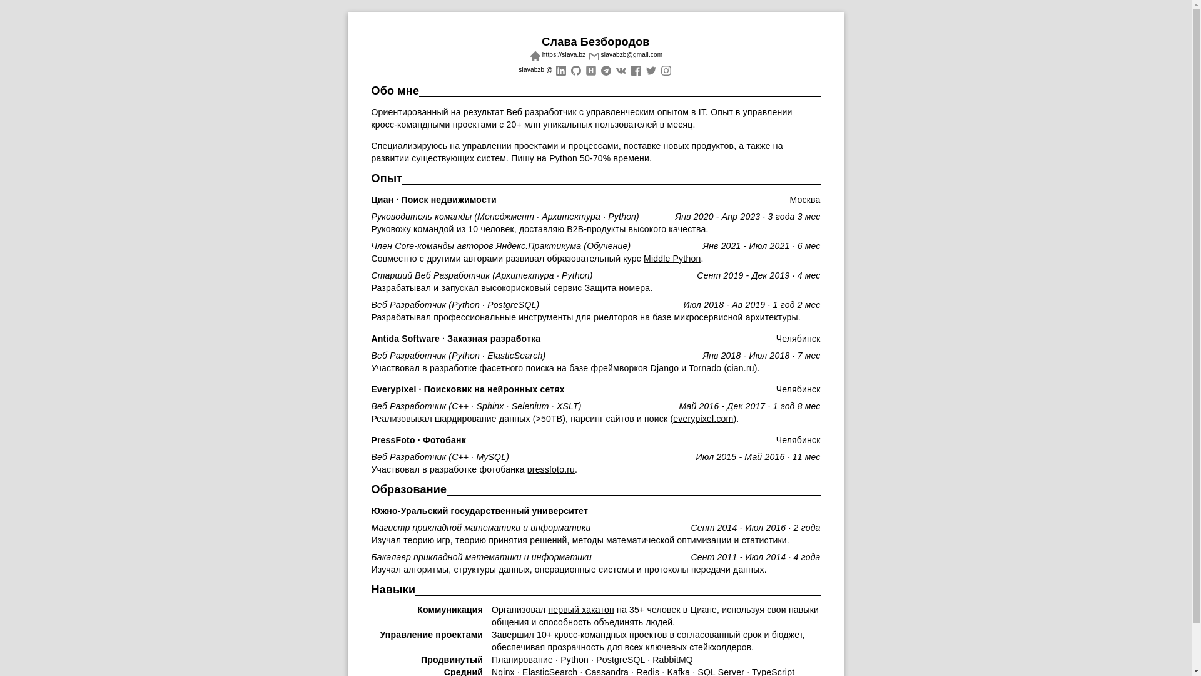 This screenshot has width=1201, height=676. Describe the element at coordinates (671, 257) in the screenshot. I see `'Middle Python'` at that location.